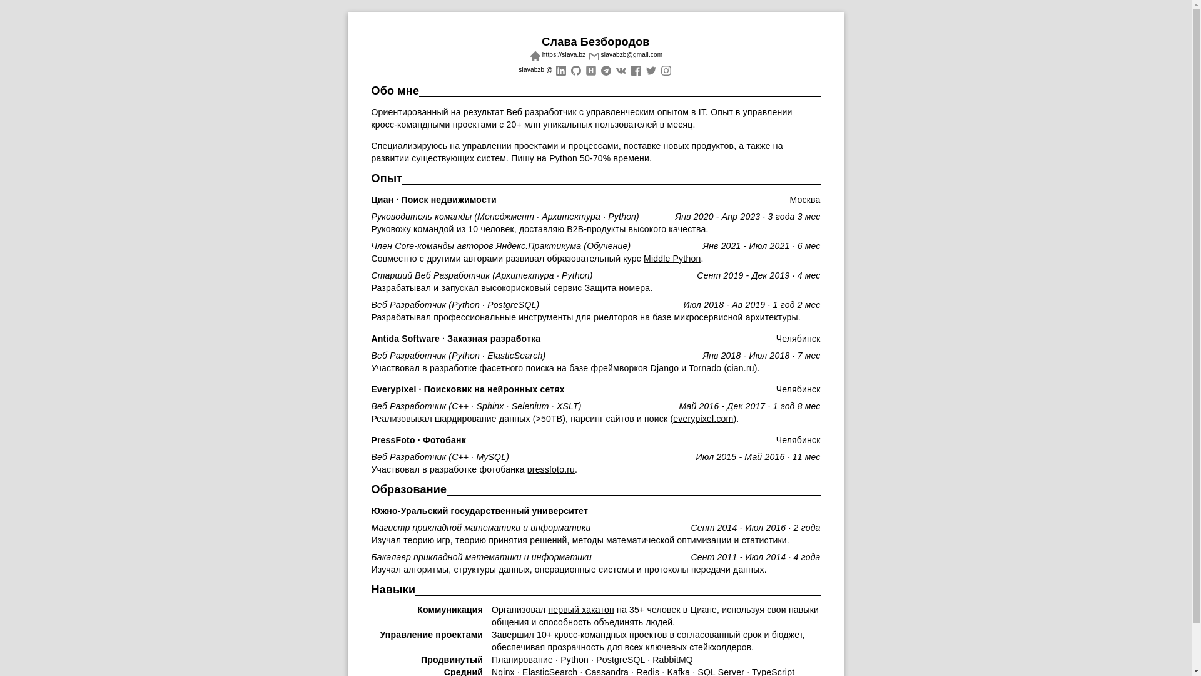 This screenshot has width=1201, height=676. Describe the element at coordinates (671, 257) in the screenshot. I see `'Middle Python'` at that location.